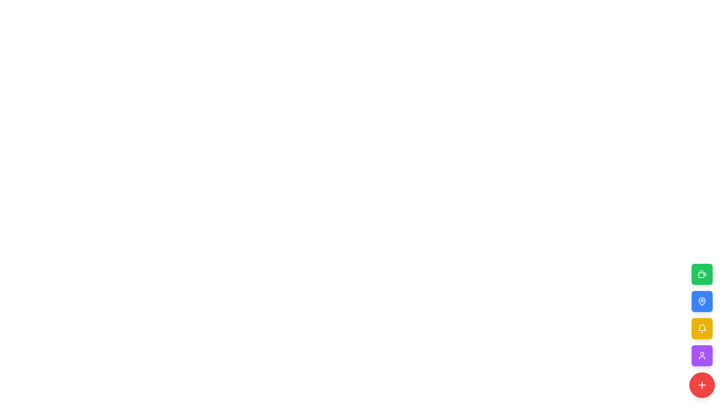 This screenshot has height=407, width=724. What do you see at coordinates (702, 301) in the screenshot?
I see `the blue rounded button with a white pin icon located below the green coffee cup button and above the yellow bell button` at bounding box center [702, 301].